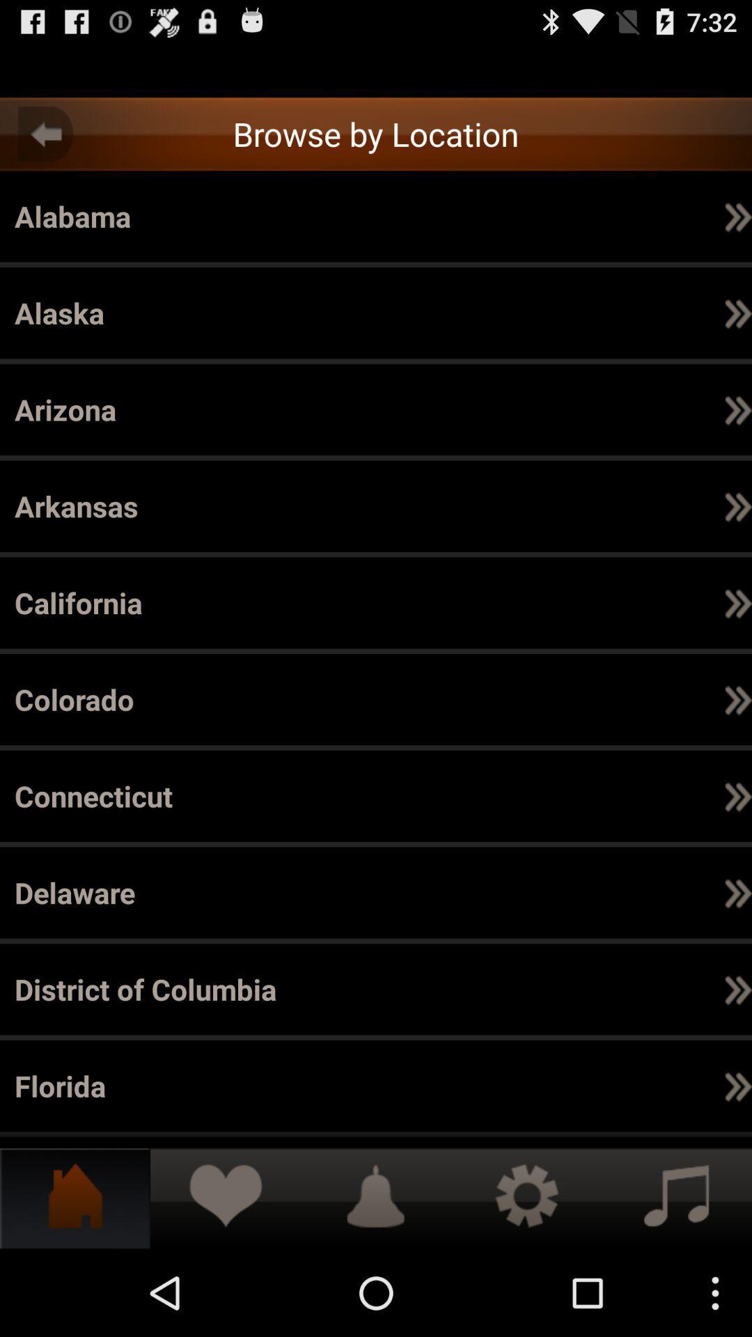 Image resolution: width=752 pixels, height=1337 pixels. What do you see at coordinates (228, 699) in the screenshot?
I see `item next to the      item` at bounding box center [228, 699].